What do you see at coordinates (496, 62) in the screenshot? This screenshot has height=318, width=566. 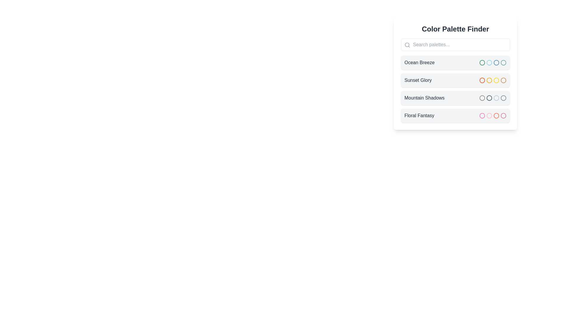 I see `the circular button with a blue outline and white center located at the end of the 'Ocean Breeze' row in the color palette section` at bounding box center [496, 62].